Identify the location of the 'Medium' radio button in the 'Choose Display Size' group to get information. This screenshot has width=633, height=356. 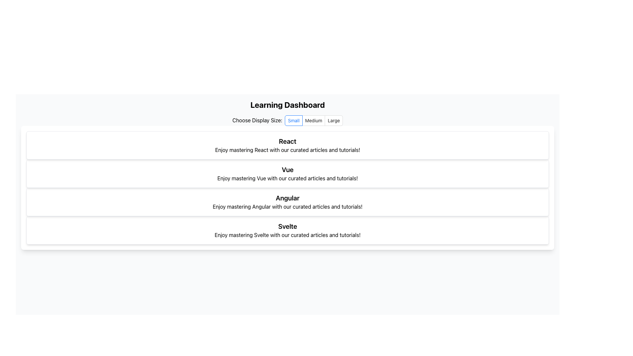
(313, 121).